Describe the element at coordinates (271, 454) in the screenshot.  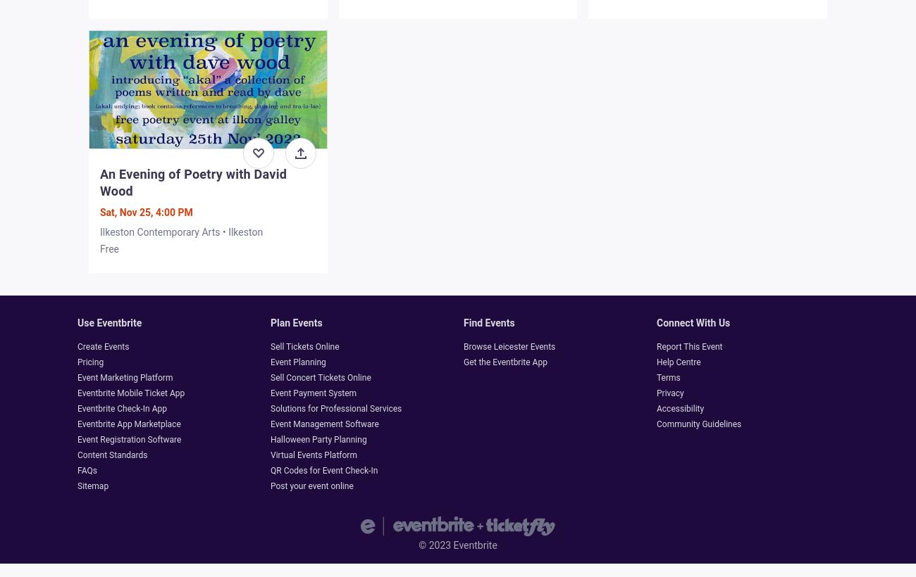
I see `'Virtual Events Platform'` at that location.